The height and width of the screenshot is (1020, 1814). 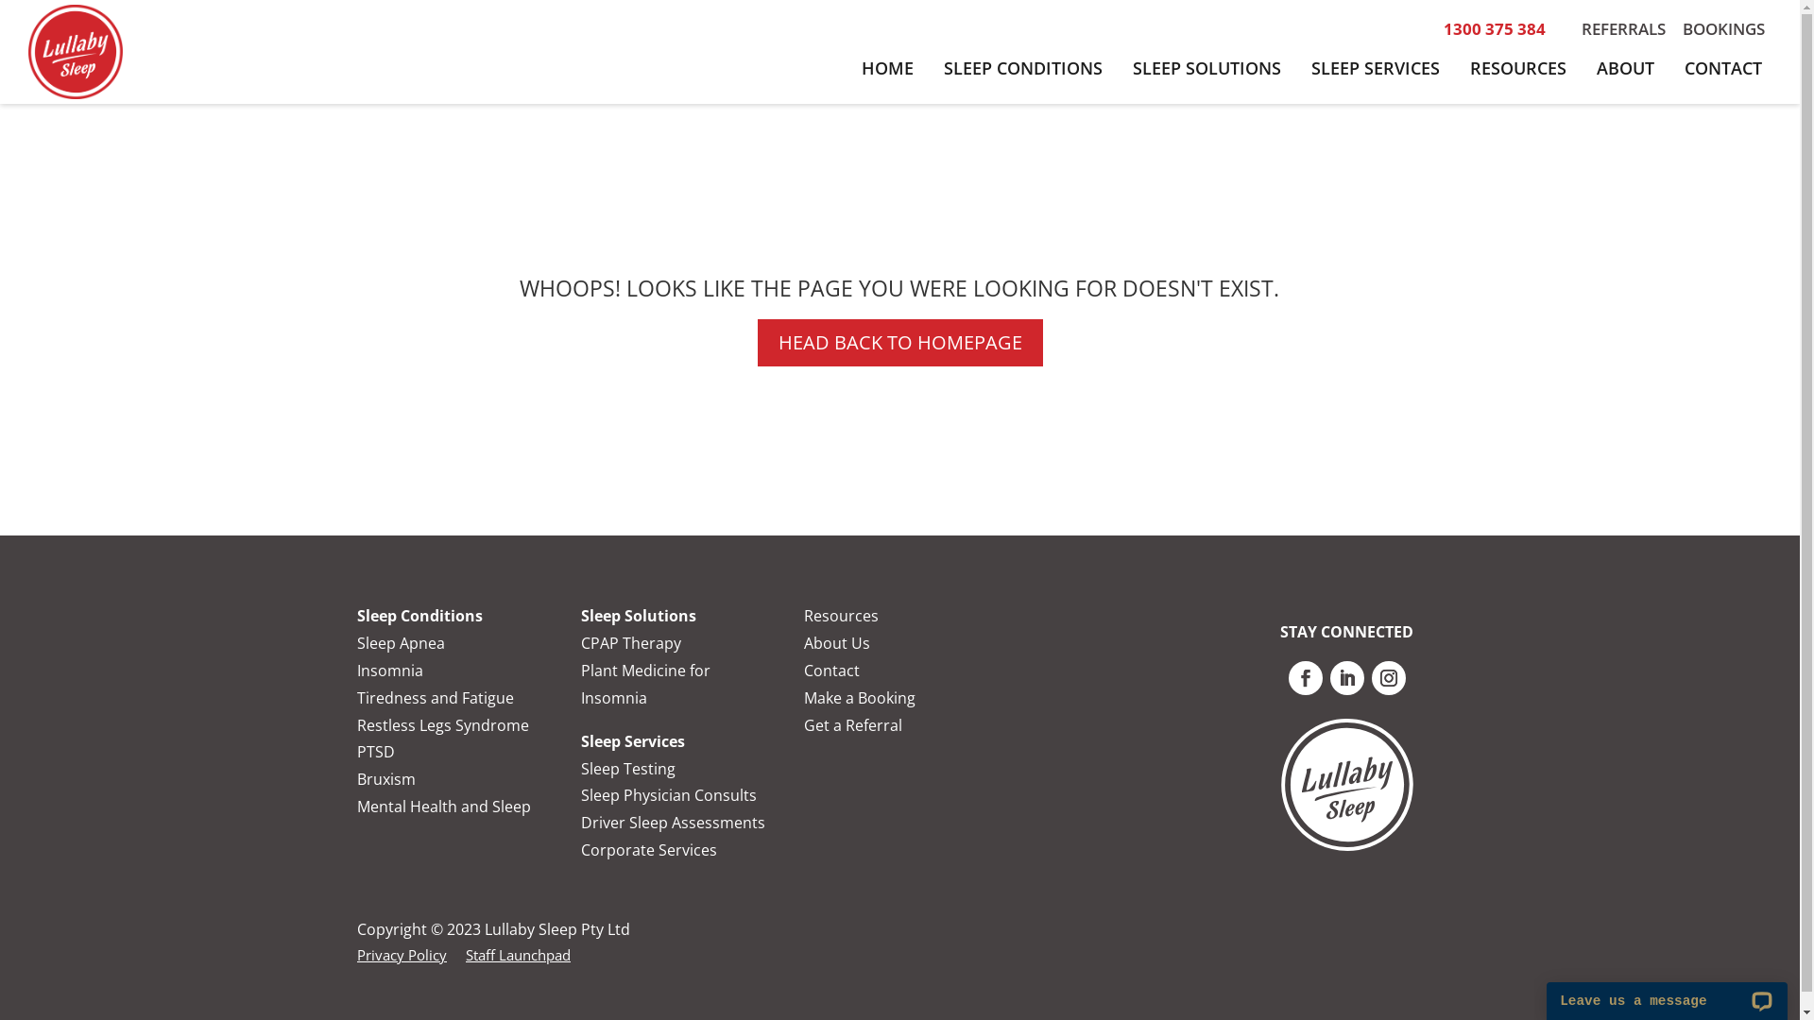 I want to click on 'Follow on LinkedIn', so click(x=1328, y=676).